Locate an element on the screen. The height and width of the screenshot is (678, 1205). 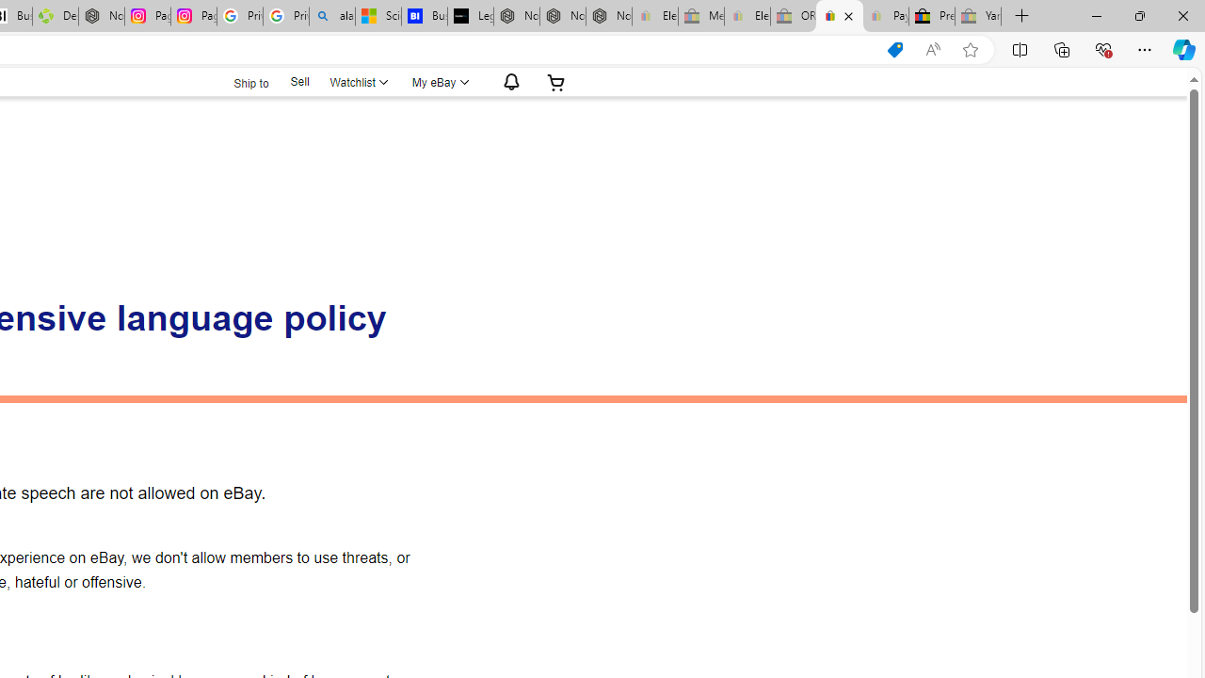
'alabama high school quarterback dies - Search' is located at coordinates (332, 16).